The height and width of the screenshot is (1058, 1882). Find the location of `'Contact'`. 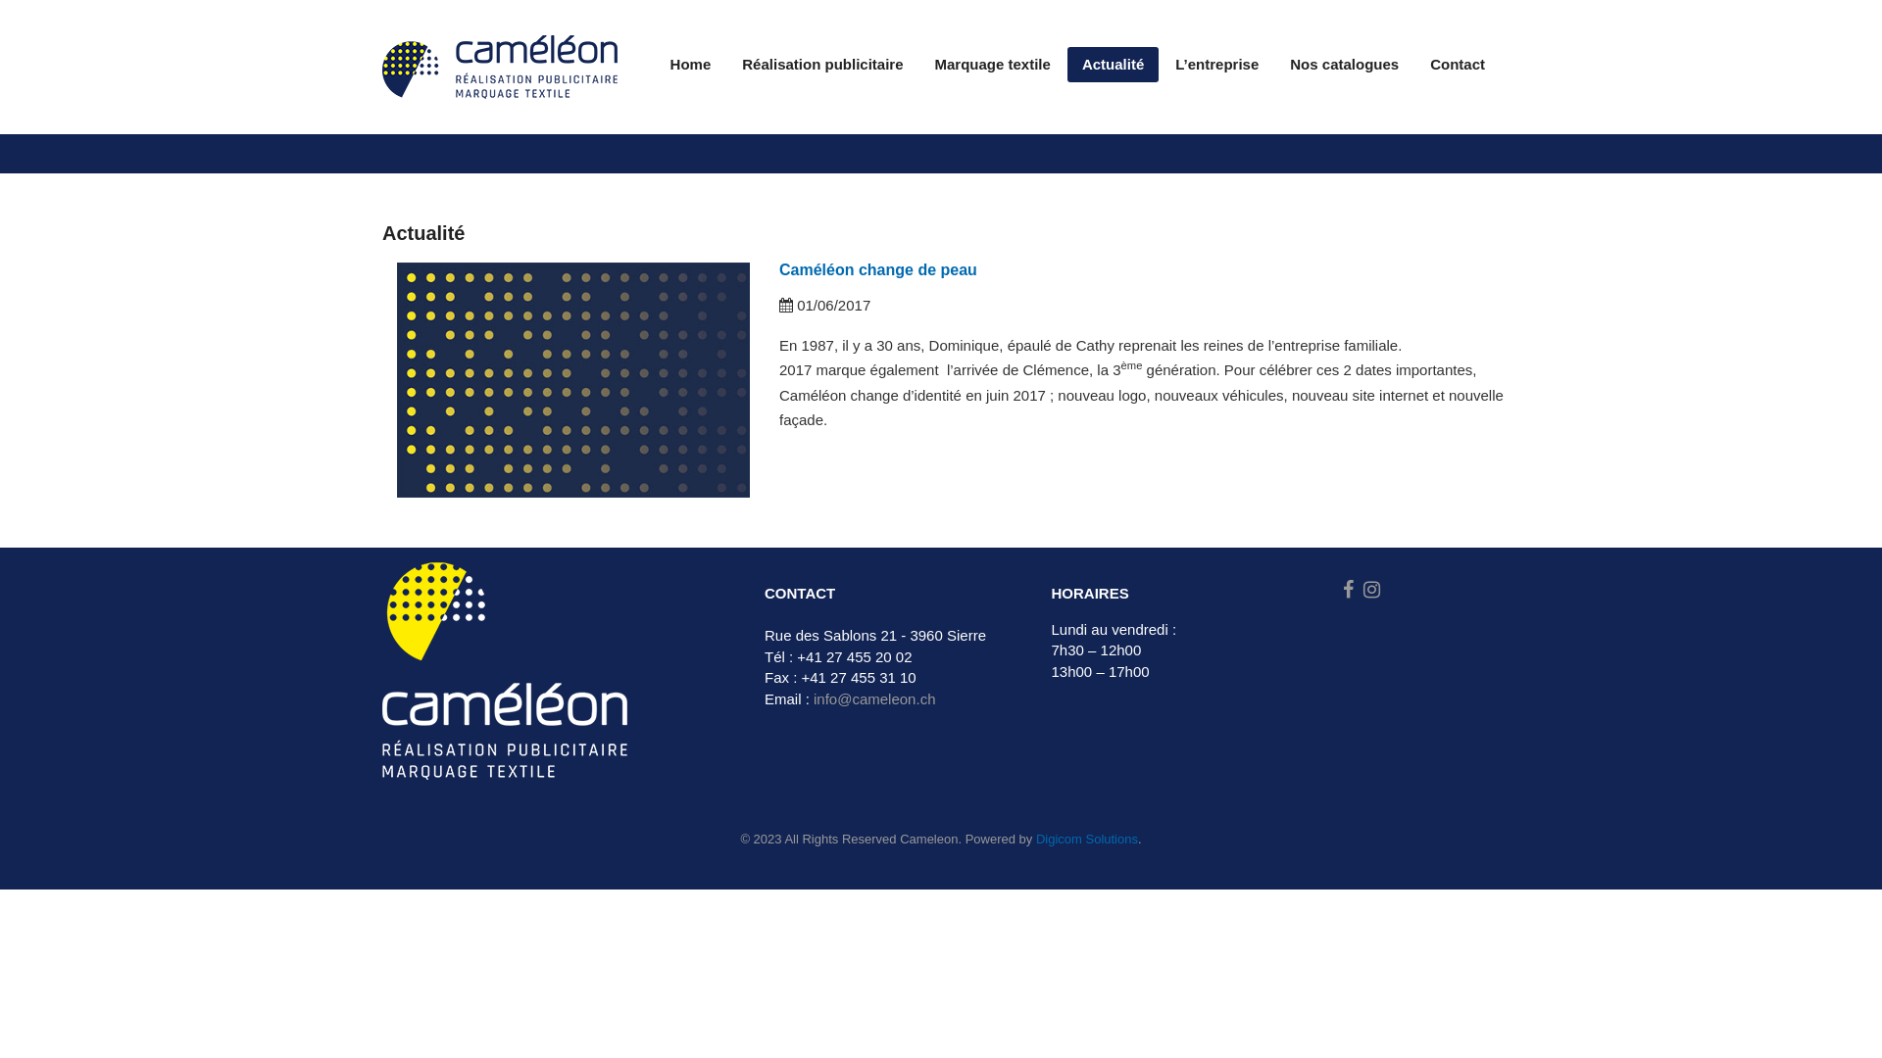

'Contact' is located at coordinates (1458, 63).